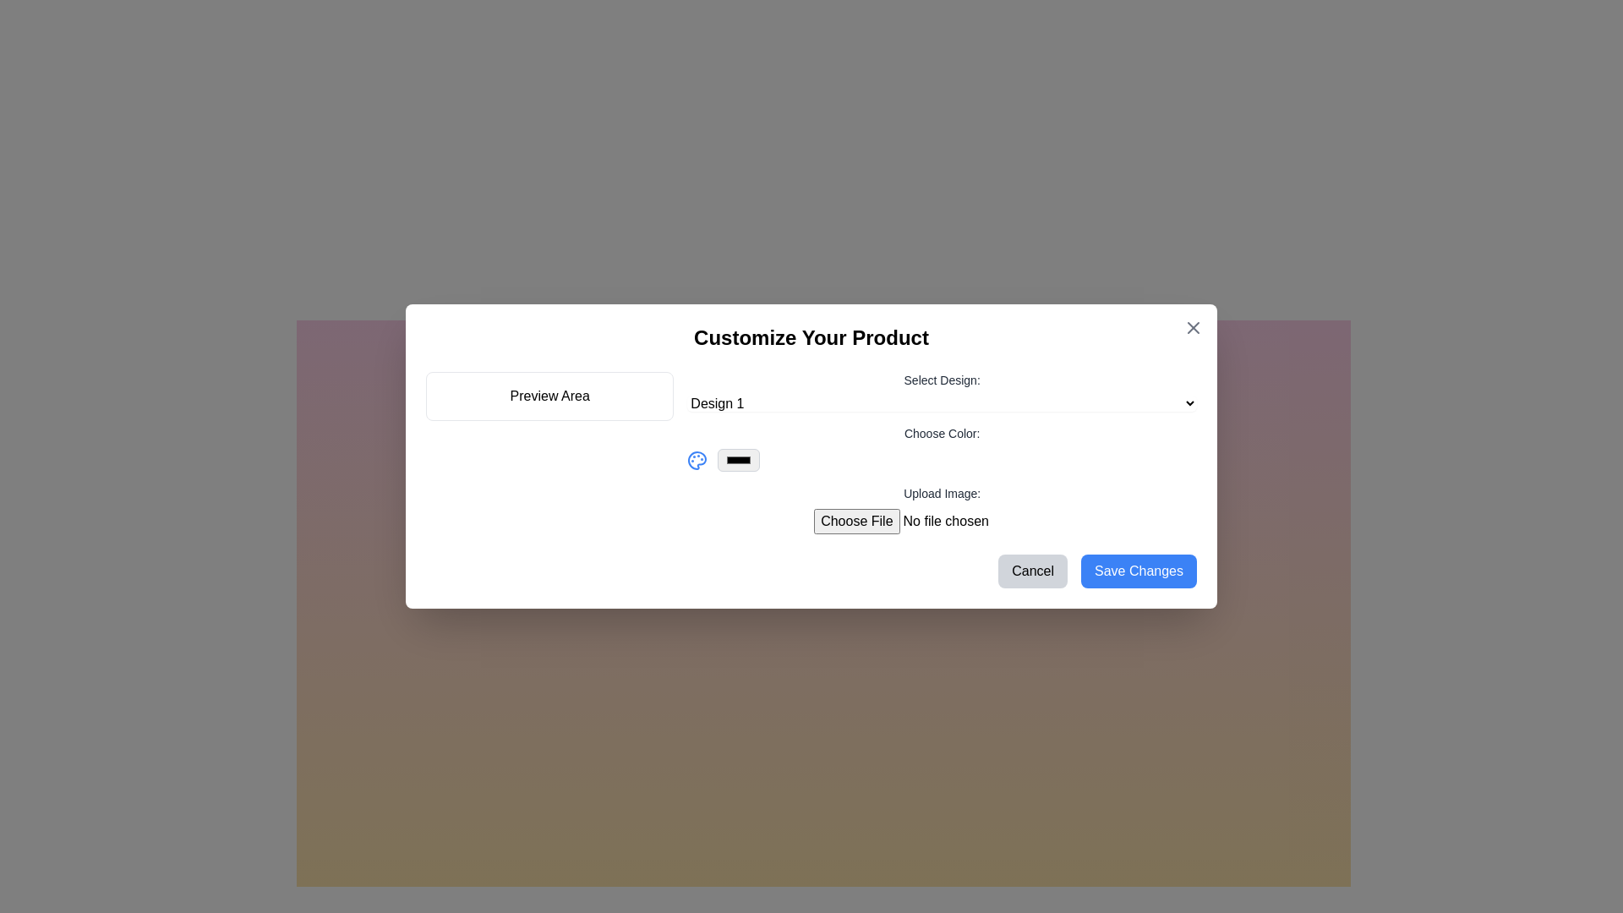  I want to click on the Color input field, so click(739, 460).